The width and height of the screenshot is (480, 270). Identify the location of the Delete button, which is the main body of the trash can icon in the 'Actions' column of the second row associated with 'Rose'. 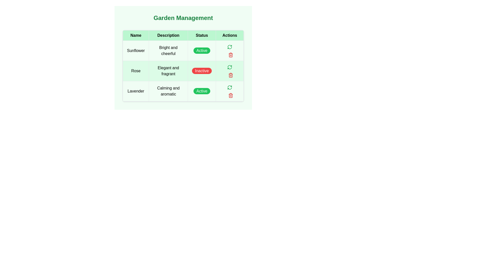
(230, 75).